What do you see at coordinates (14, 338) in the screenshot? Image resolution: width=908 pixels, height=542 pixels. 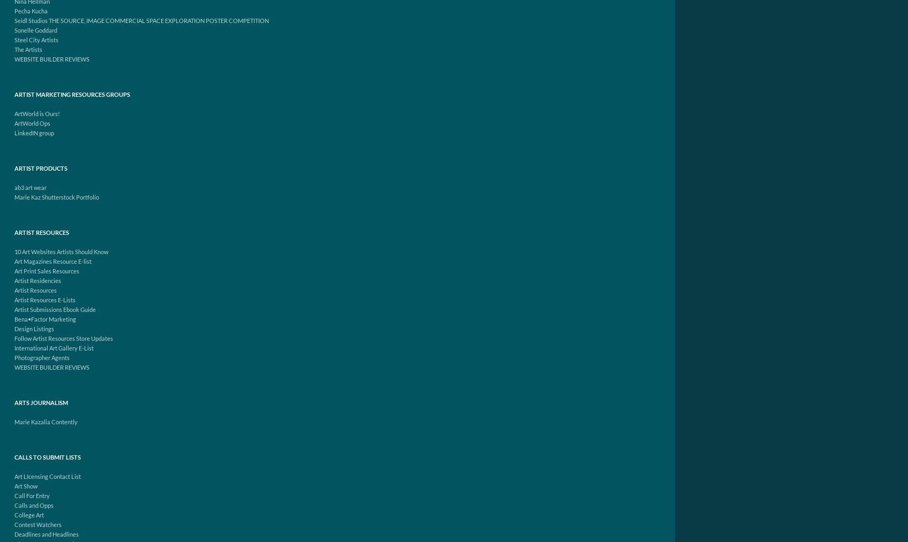 I see `'Follow Artist Resources Store Updates'` at bounding box center [14, 338].